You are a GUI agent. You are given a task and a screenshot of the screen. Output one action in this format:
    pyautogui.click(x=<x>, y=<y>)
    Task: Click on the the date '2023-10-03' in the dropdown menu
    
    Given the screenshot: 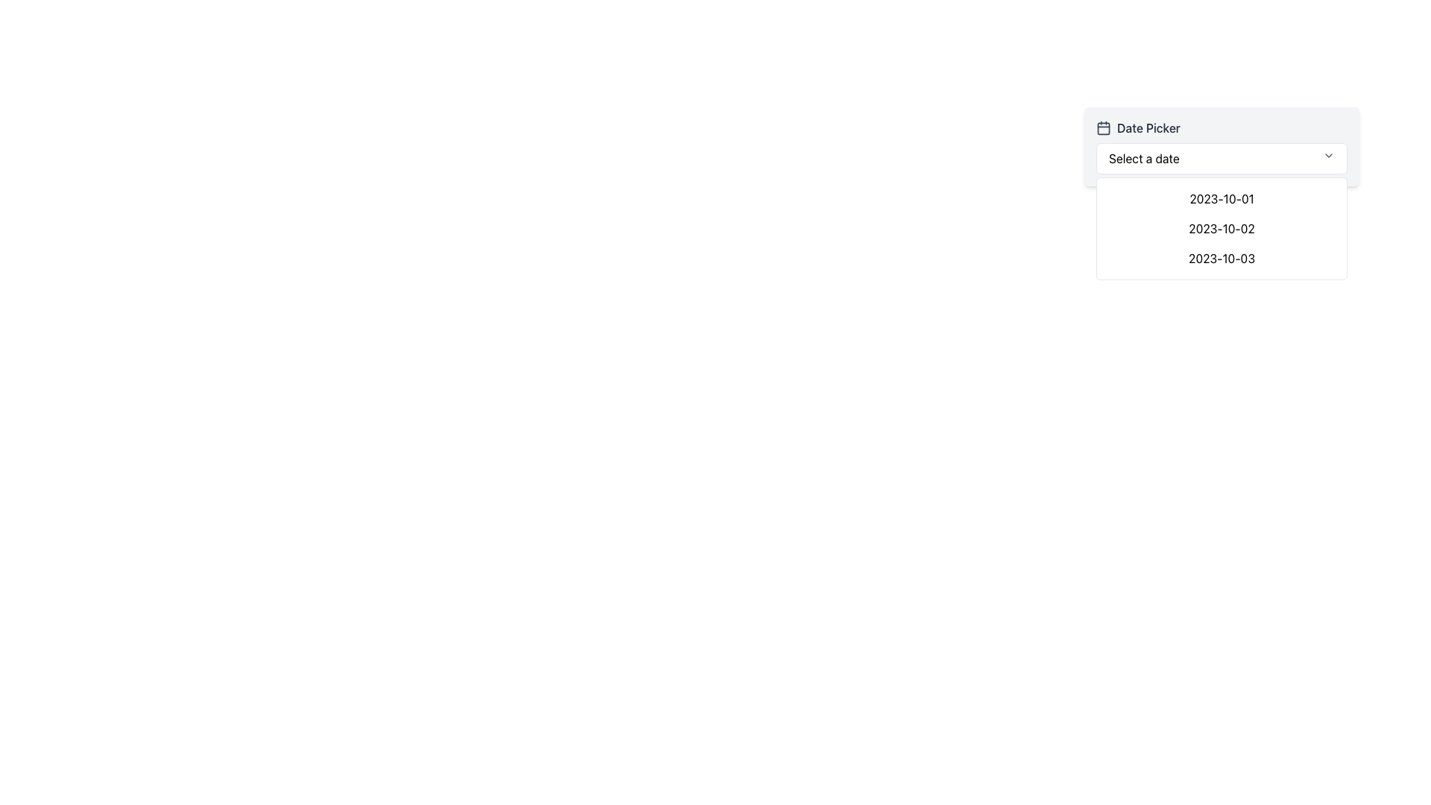 What is the action you would take?
    pyautogui.click(x=1222, y=258)
    